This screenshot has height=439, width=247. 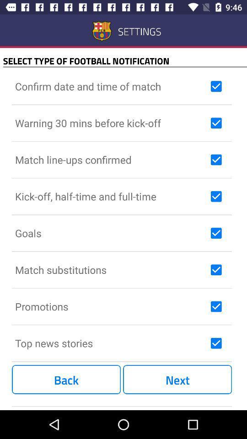 I want to click on the match line ups, so click(x=111, y=160).